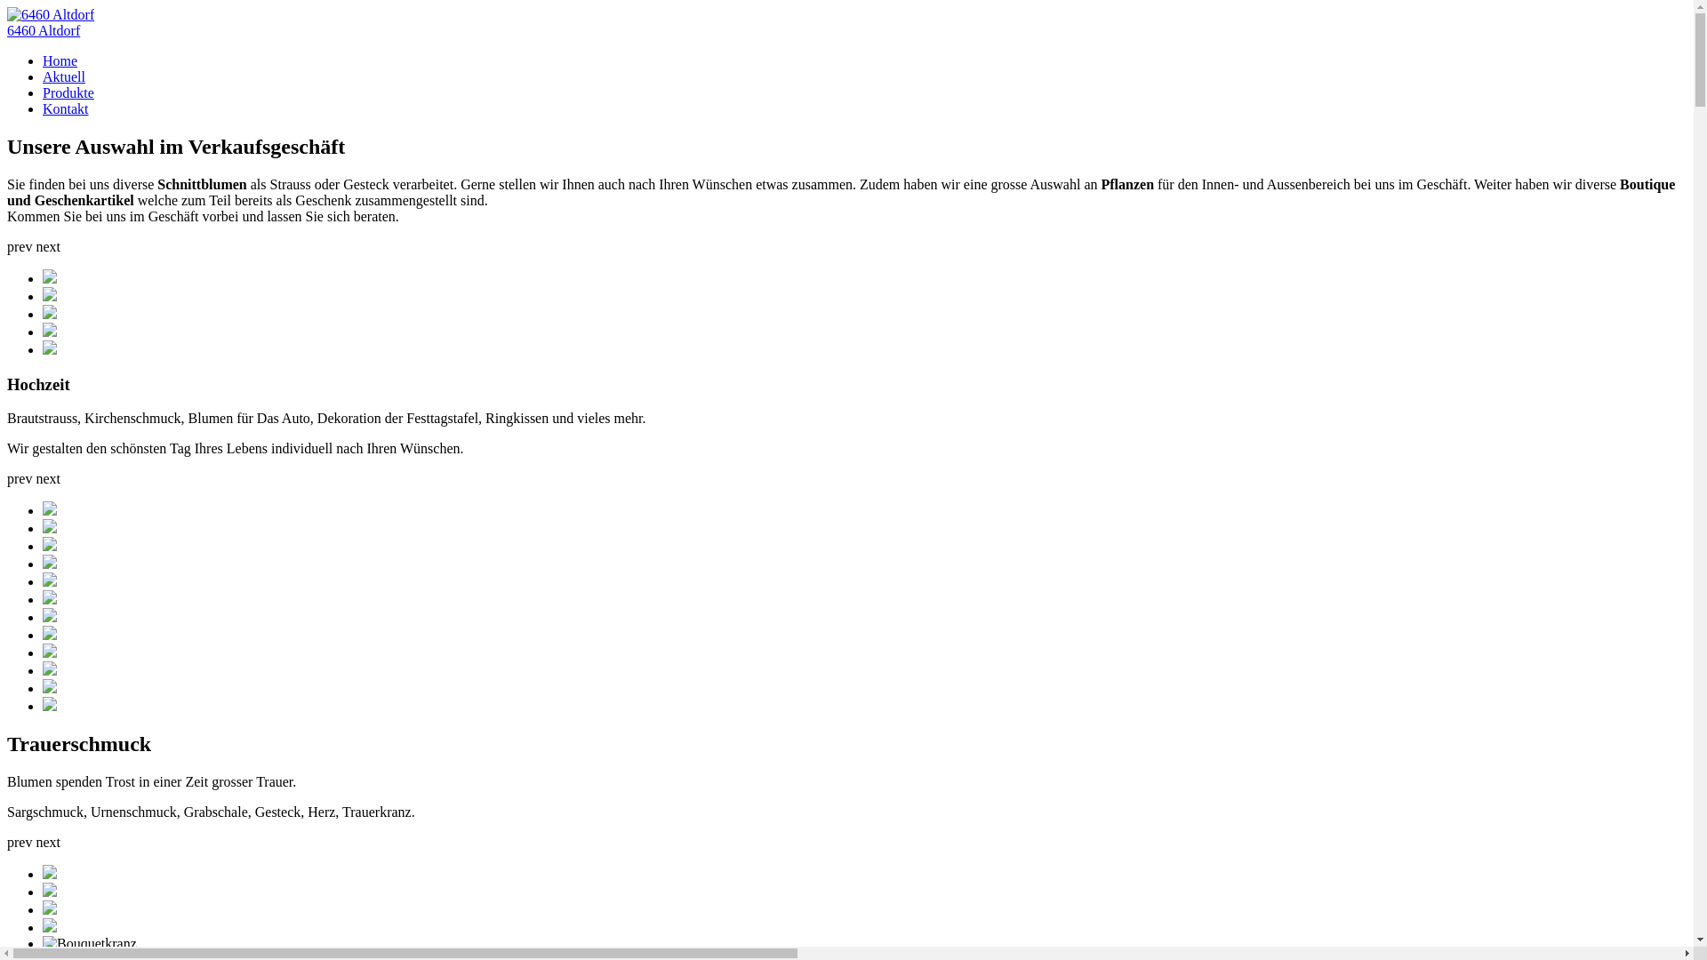  I want to click on 'Kontakt', so click(43, 108).